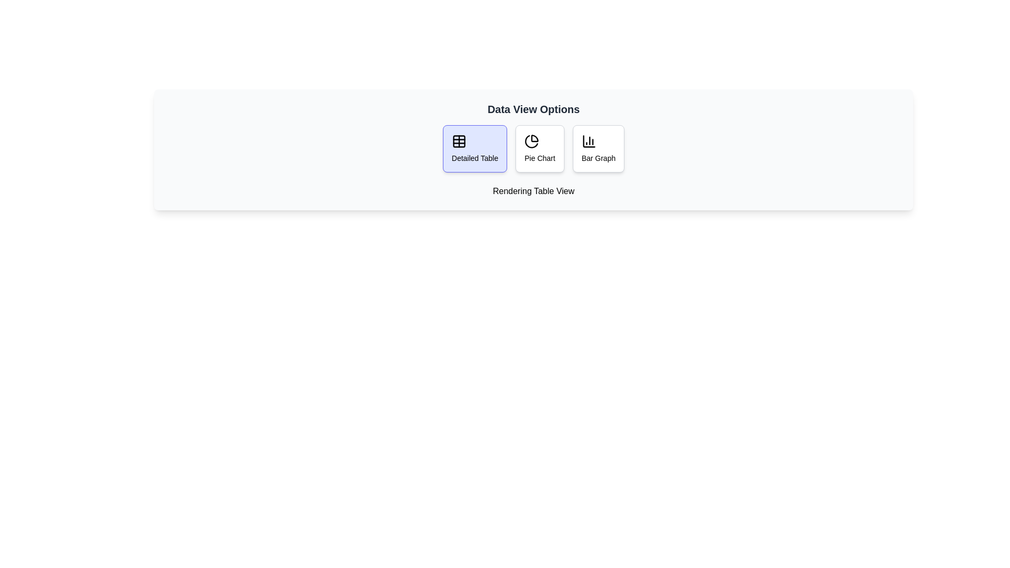 The width and height of the screenshot is (1010, 568). I want to click on the data view mode corresponding to Pie Chart, so click(540, 148).